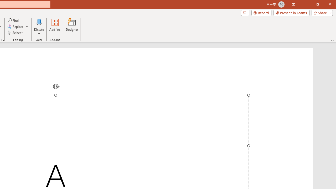  Describe the element at coordinates (321, 12) in the screenshot. I see `'Share'` at that location.